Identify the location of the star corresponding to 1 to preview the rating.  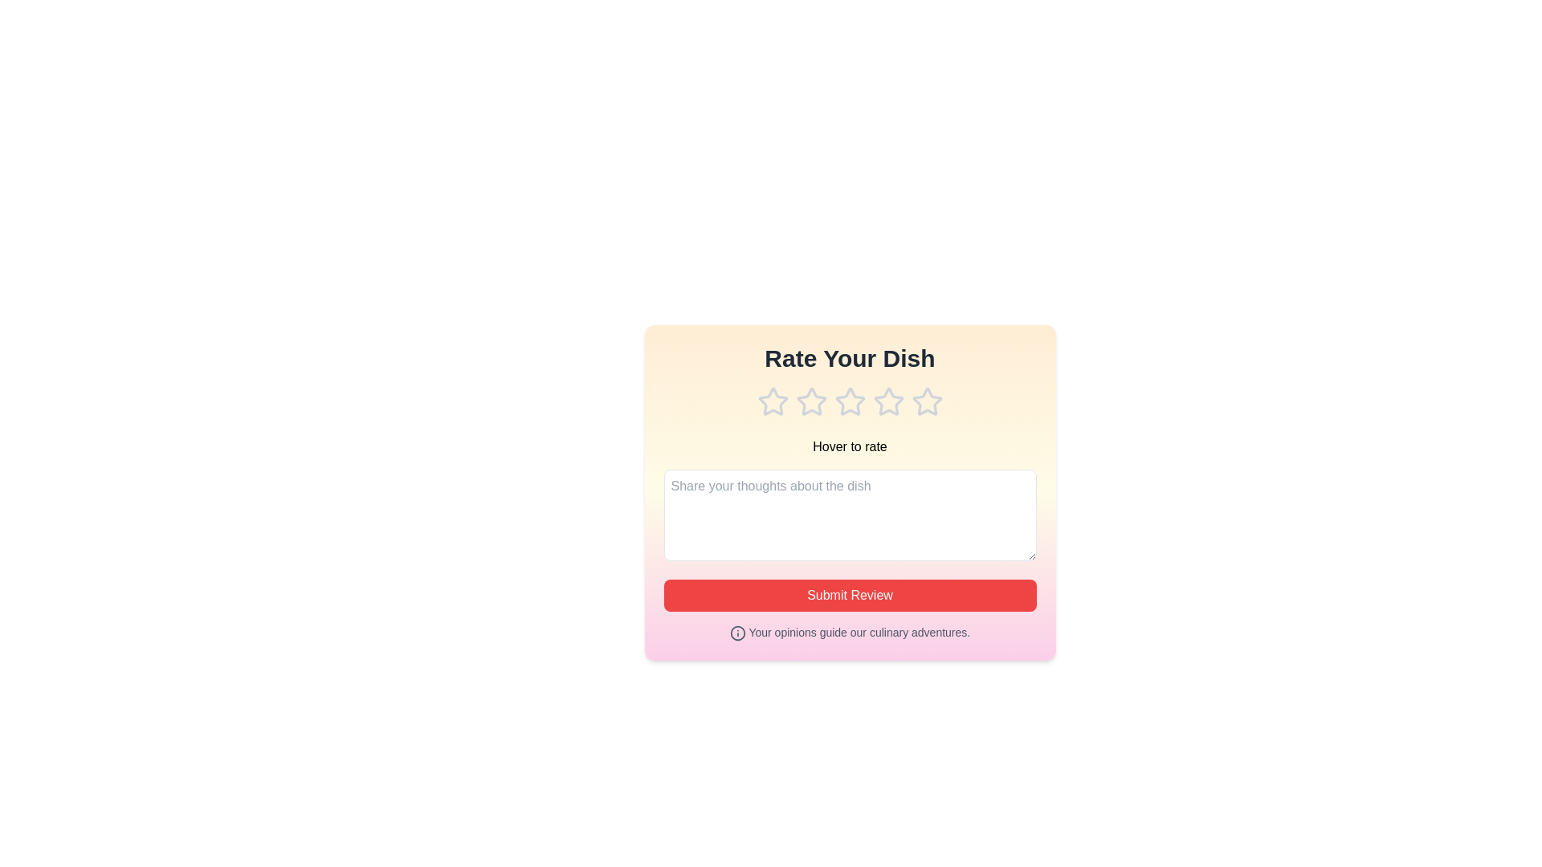
(773, 401).